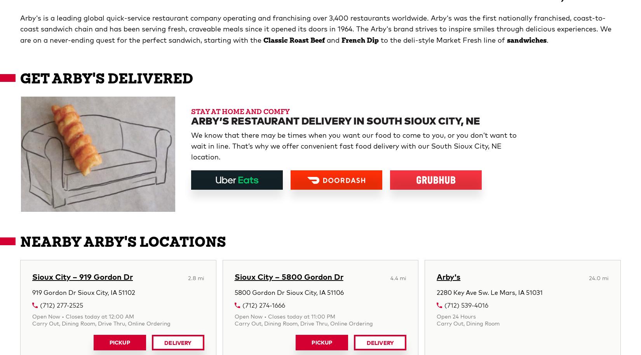 The width and height of the screenshot is (641, 355). I want to click on 'Sandwich With Purchase, plus weekly offers and other surprises. Terms apply.', so click(275, 232).